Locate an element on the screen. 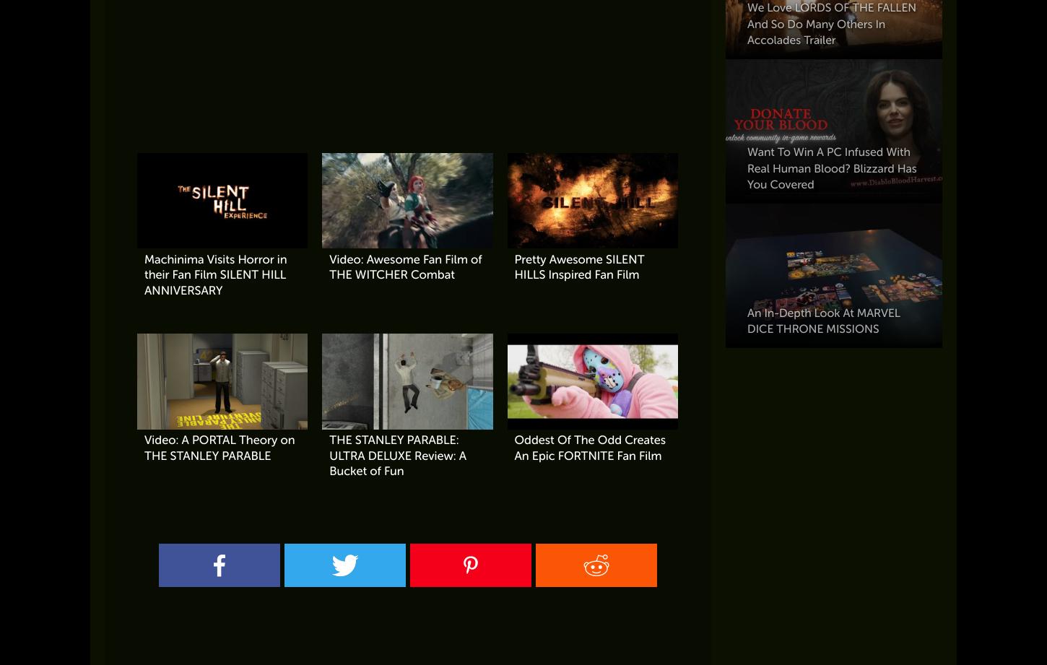 The height and width of the screenshot is (665, 1047). 'THE STANLEY PARABLE: ULTRA DELUXE Review: A Bucket of Fun' is located at coordinates (398, 455).